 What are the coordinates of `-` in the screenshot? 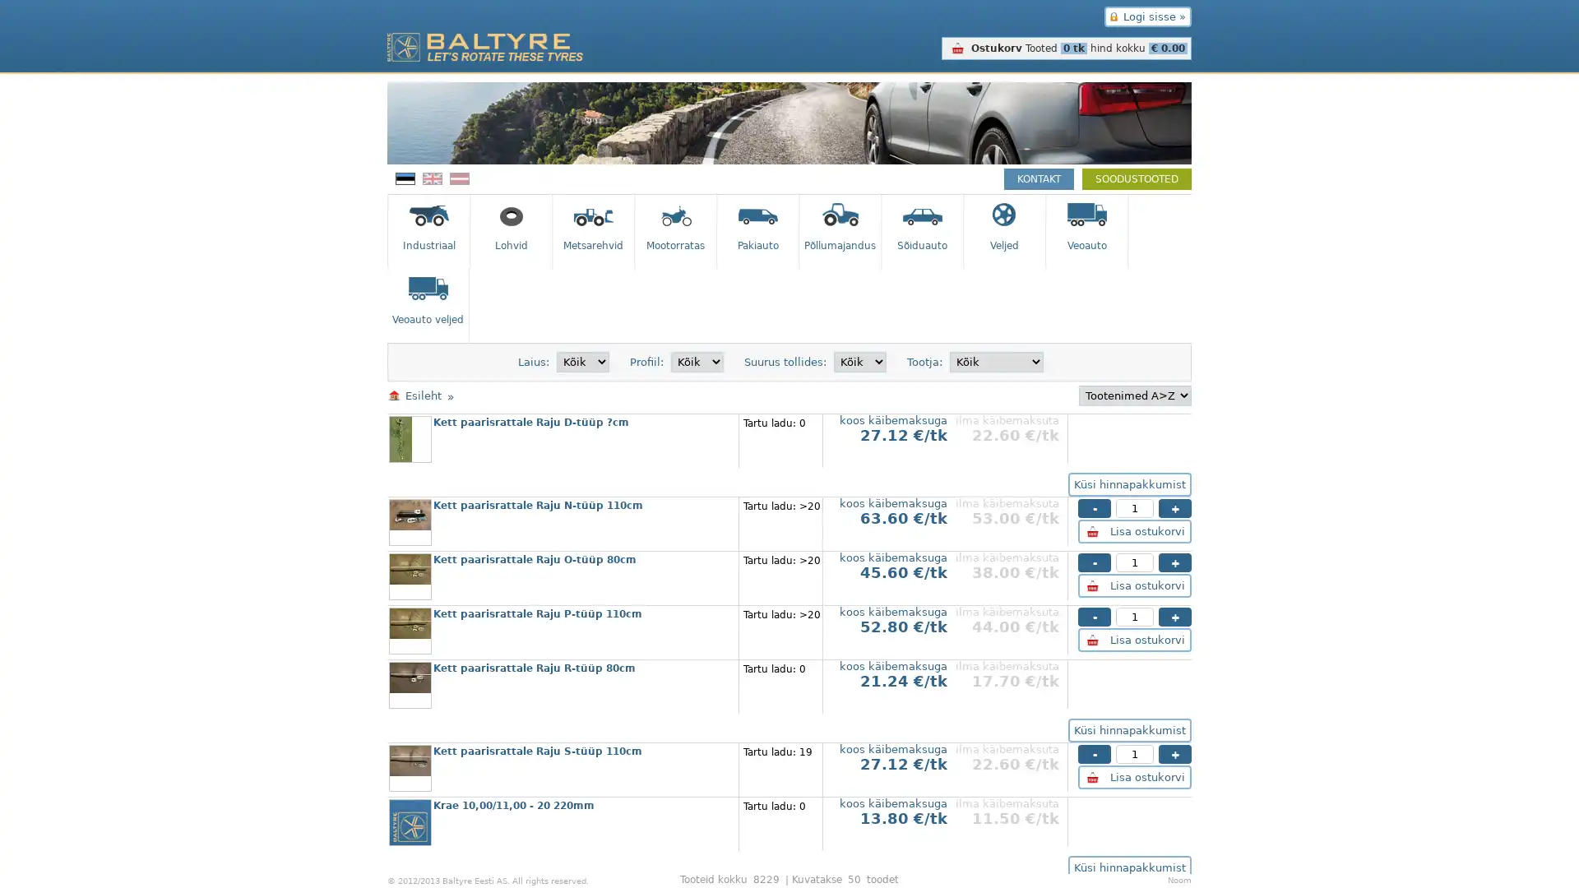 It's located at (1094, 754).